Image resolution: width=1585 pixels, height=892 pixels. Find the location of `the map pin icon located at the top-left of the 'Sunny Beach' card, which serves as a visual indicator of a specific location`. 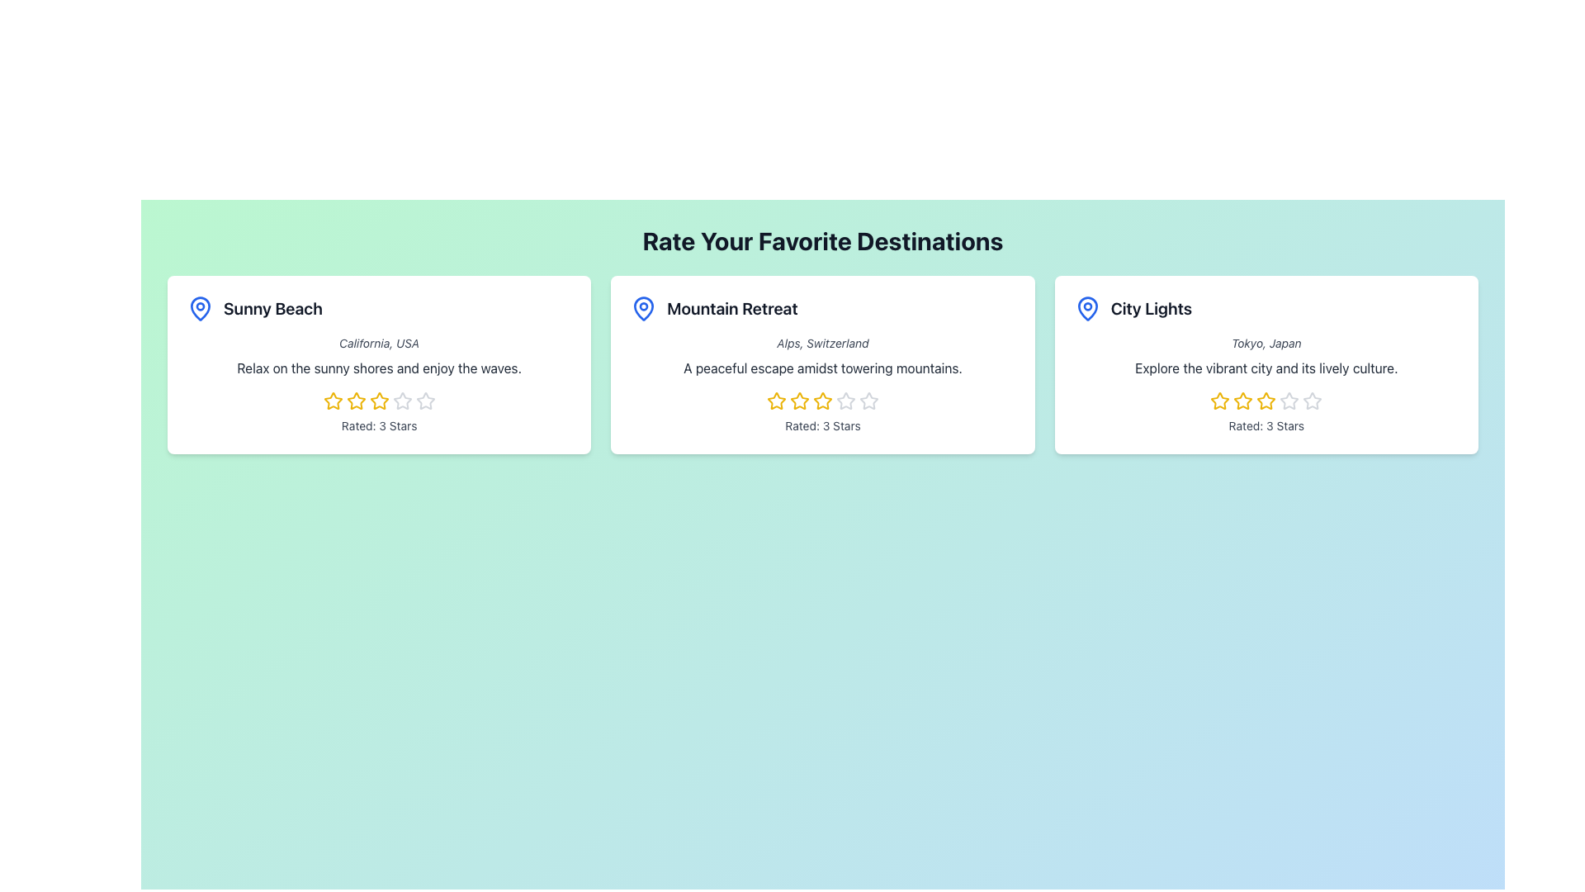

the map pin icon located at the top-left of the 'Sunny Beach' card, which serves as a visual indicator of a specific location is located at coordinates (200, 308).